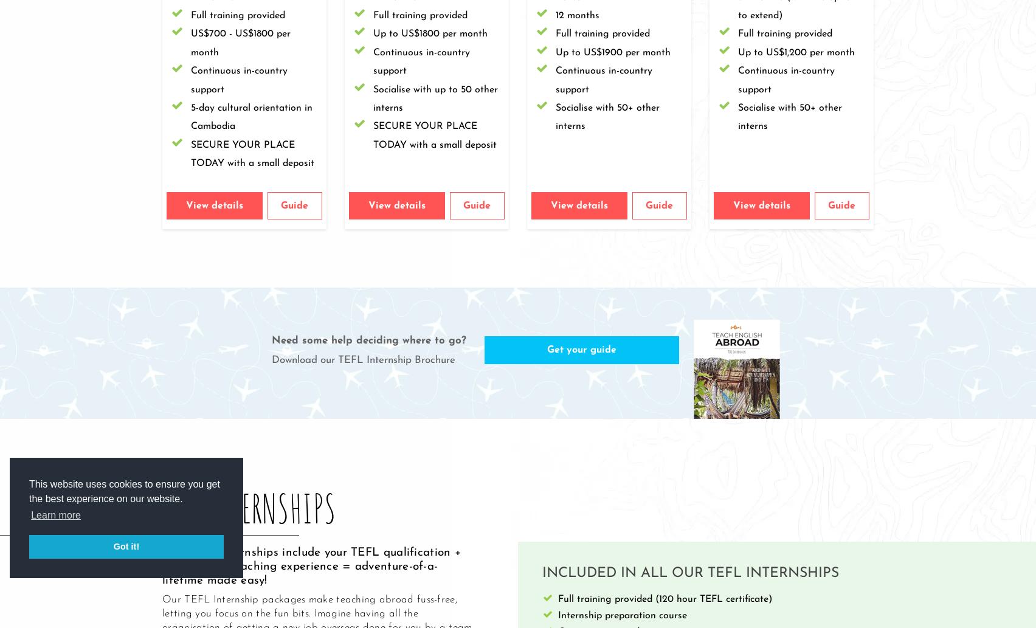 The height and width of the screenshot is (628, 1036). Describe the element at coordinates (251, 116) in the screenshot. I see `'5-day cultural orientation in Cambodia'` at that location.